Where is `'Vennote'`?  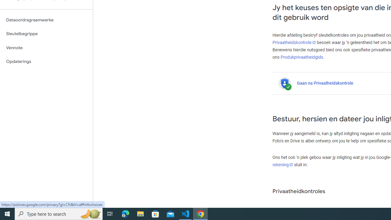 'Vennote' is located at coordinates (46, 47).